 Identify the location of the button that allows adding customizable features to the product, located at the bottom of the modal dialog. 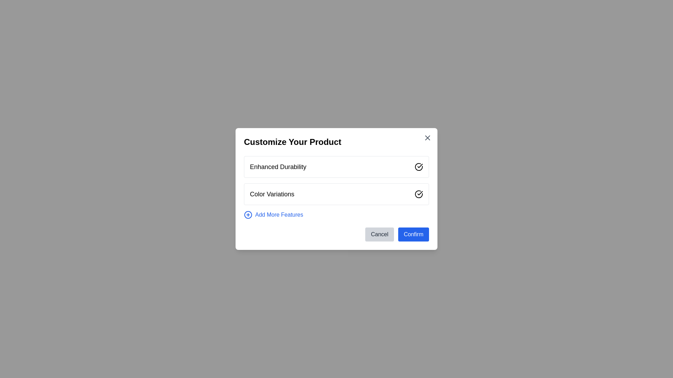
(273, 214).